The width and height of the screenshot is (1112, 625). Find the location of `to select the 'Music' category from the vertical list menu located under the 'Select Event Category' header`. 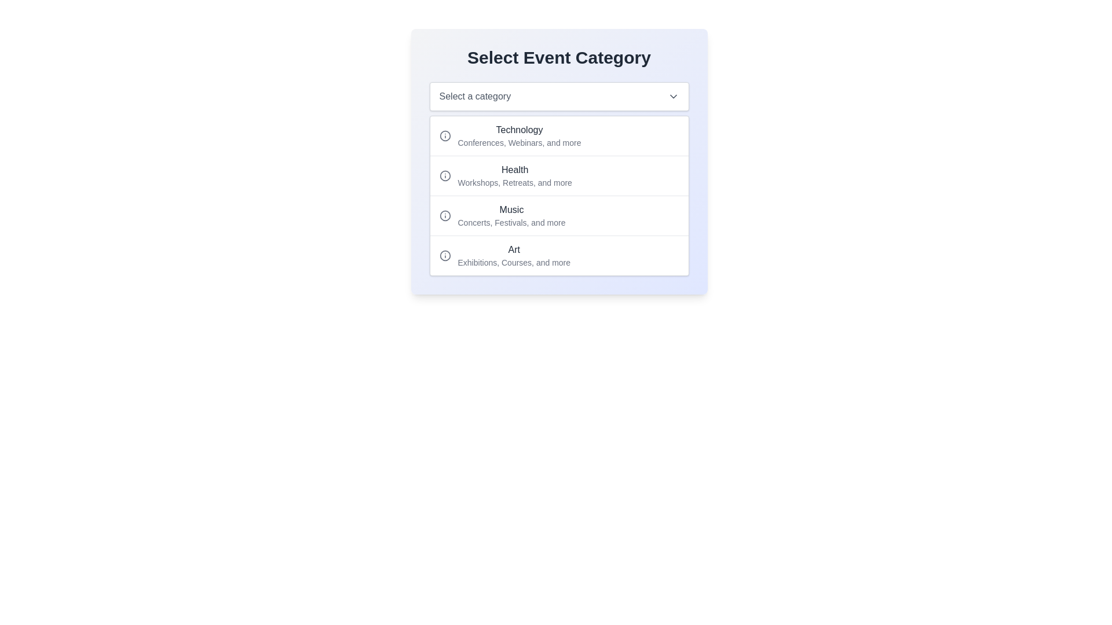

to select the 'Music' category from the vertical list menu located under the 'Select Event Category' header is located at coordinates (559, 215).